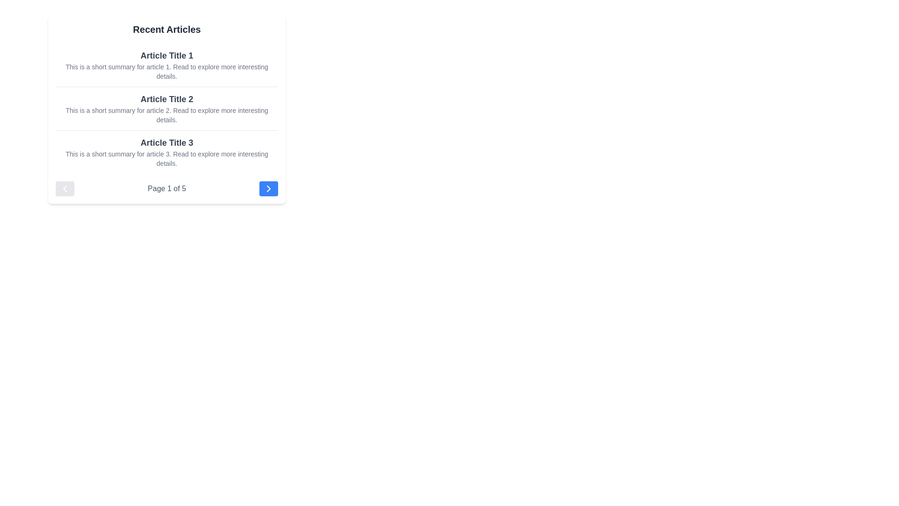 This screenshot has height=506, width=899. What do you see at coordinates (167, 158) in the screenshot?
I see `the text element located directly beneath the heading 'Article Title 3', which provides a summary of the article` at bounding box center [167, 158].